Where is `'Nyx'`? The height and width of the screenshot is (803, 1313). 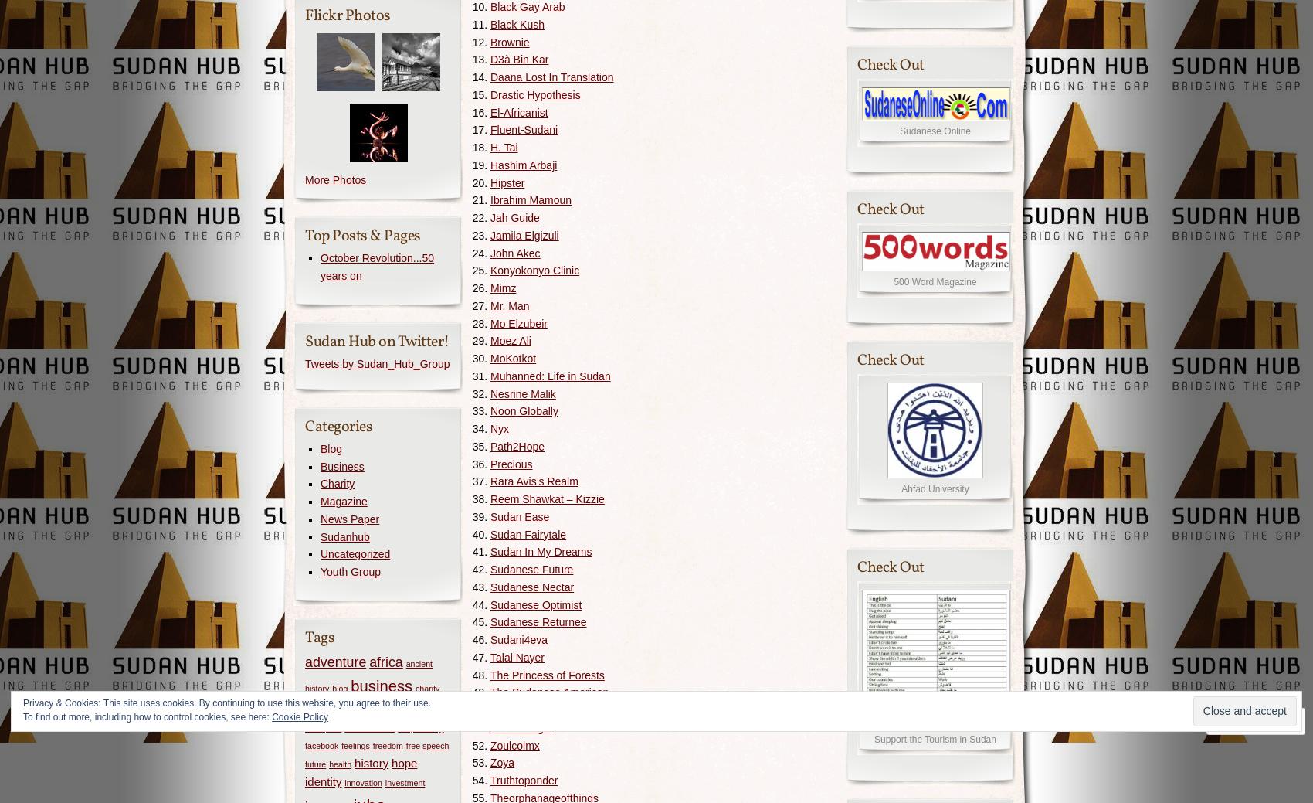
'Nyx' is located at coordinates (500, 429).